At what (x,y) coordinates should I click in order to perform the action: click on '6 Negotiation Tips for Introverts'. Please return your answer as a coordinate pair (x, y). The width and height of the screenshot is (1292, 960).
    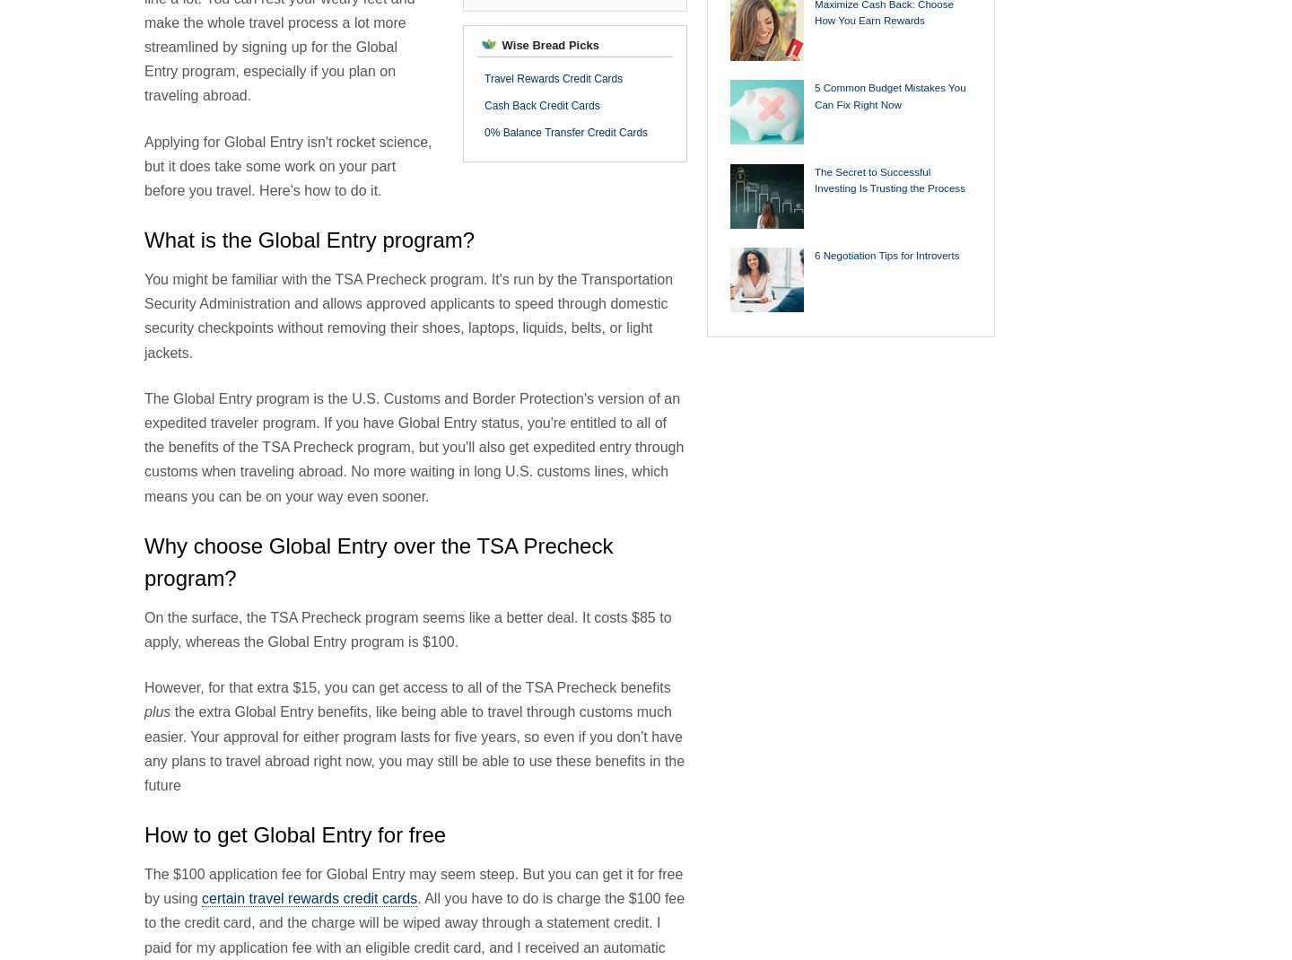
    Looking at the image, I should click on (886, 255).